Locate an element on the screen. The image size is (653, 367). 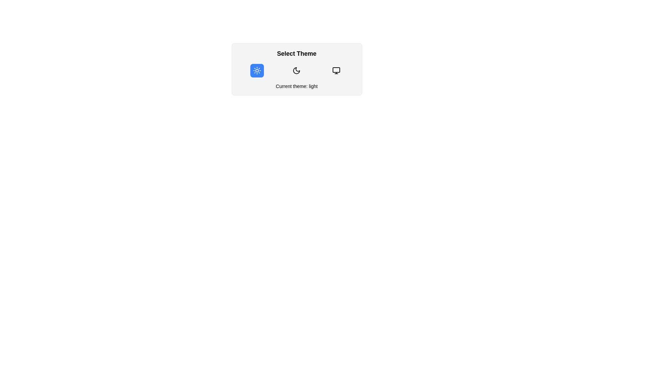
the 'Sun' theme icon located on the leftmost side of the theme selection group is located at coordinates (256, 71).